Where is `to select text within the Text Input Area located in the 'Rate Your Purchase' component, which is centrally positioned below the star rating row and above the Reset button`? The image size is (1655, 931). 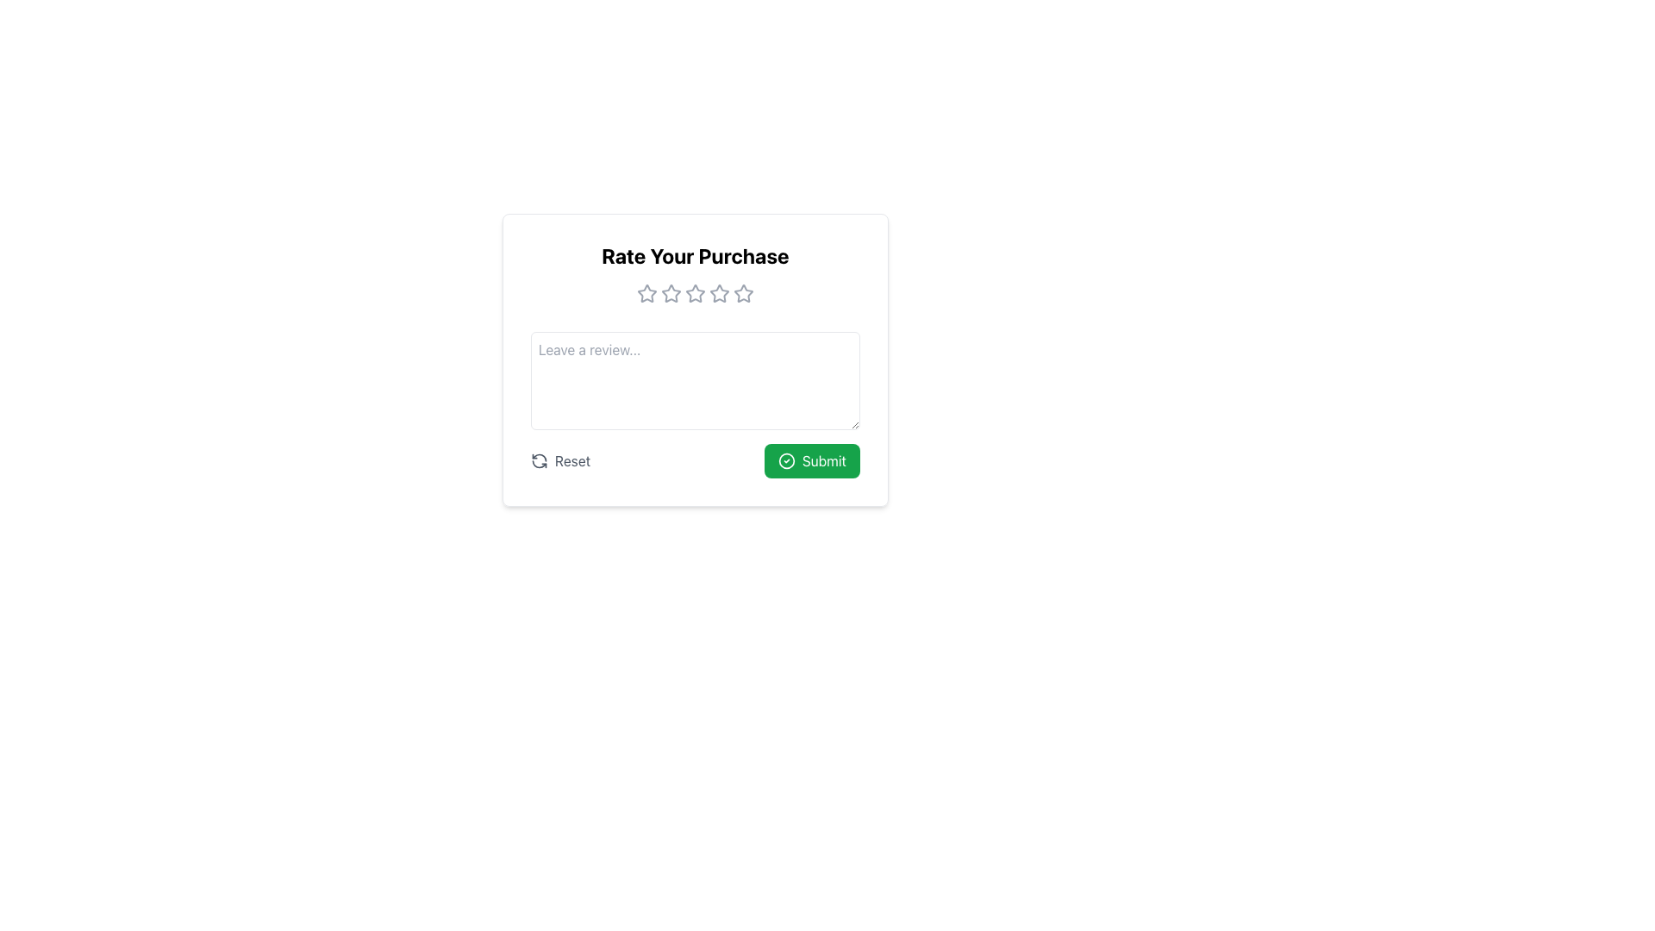
to select text within the Text Input Area located in the 'Rate Your Purchase' component, which is centrally positioned below the star rating row and above the Reset button is located at coordinates (695, 380).